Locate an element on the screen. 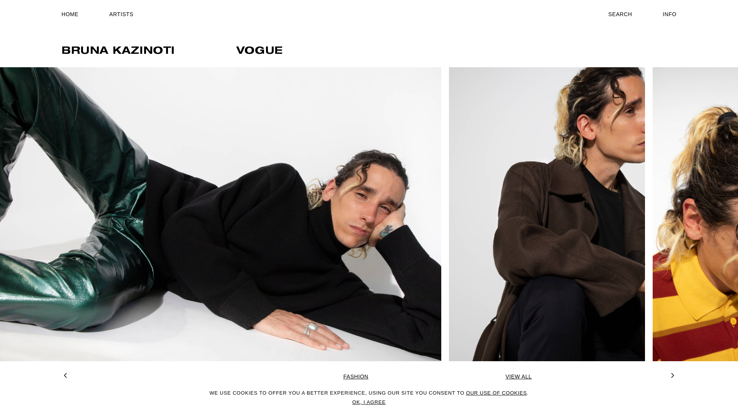 The width and height of the screenshot is (738, 415). 'ARTISTS' is located at coordinates (121, 14).